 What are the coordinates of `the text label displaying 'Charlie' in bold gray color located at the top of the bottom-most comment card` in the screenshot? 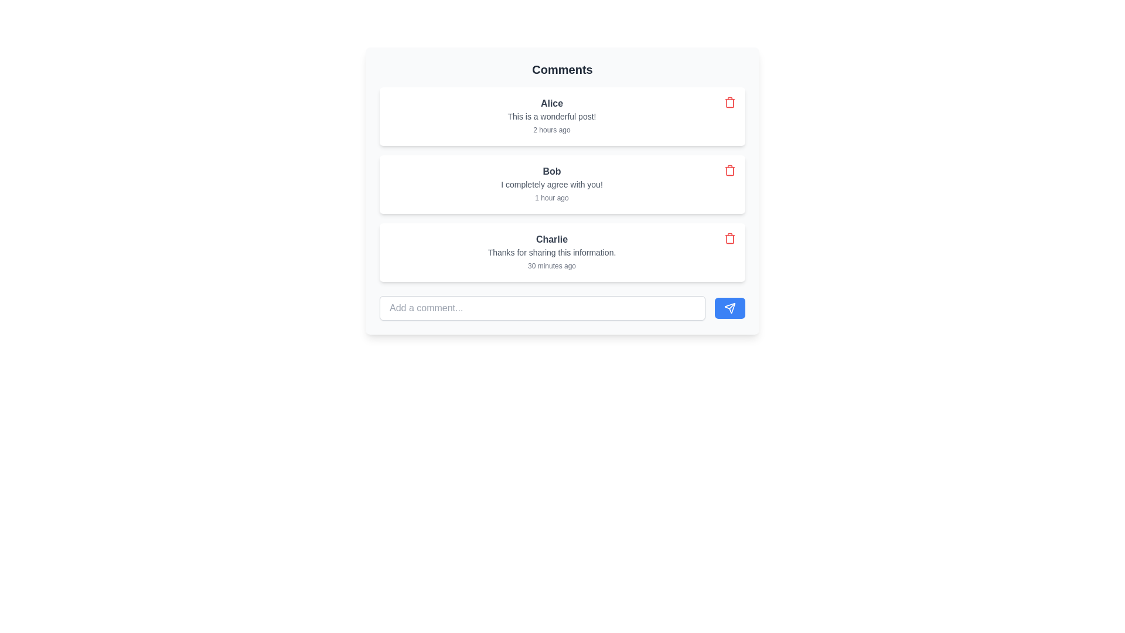 It's located at (551, 239).